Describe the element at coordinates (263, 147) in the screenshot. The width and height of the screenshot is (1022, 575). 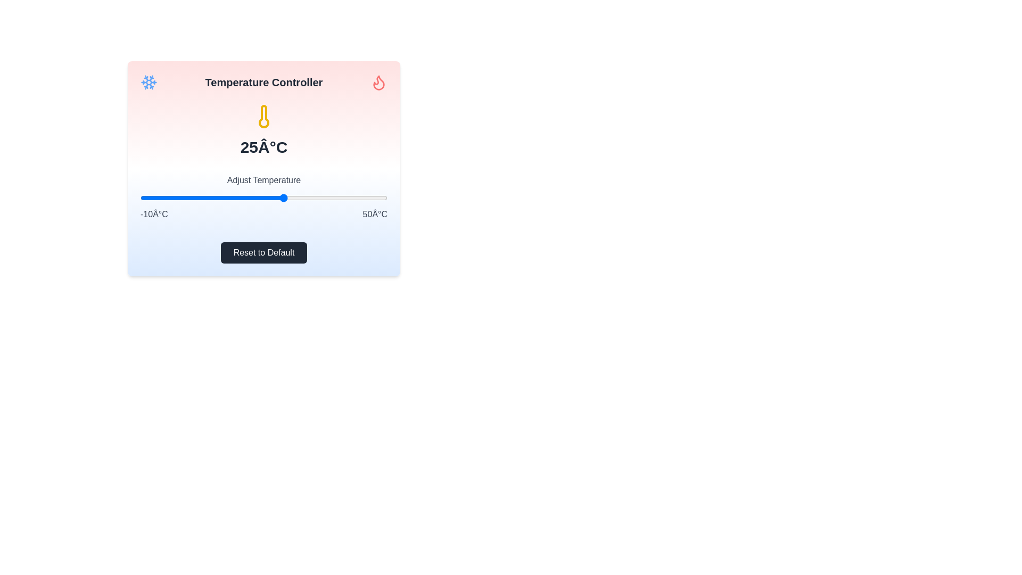
I see `the temperature text to select it` at that location.